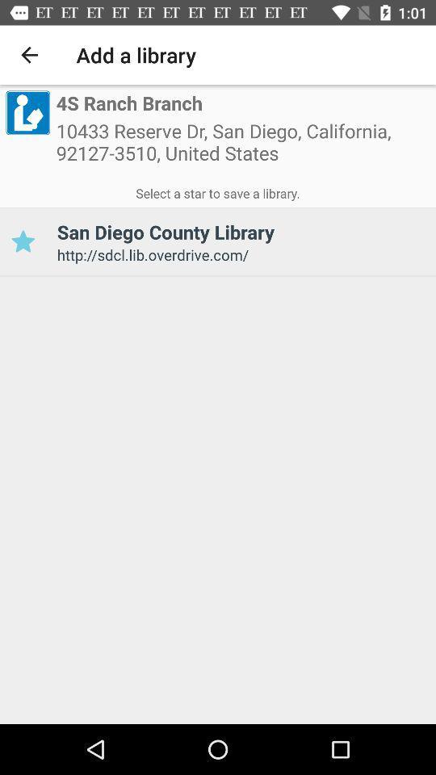 This screenshot has width=436, height=775. I want to click on 10433 reserve dr icon, so click(242, 147).